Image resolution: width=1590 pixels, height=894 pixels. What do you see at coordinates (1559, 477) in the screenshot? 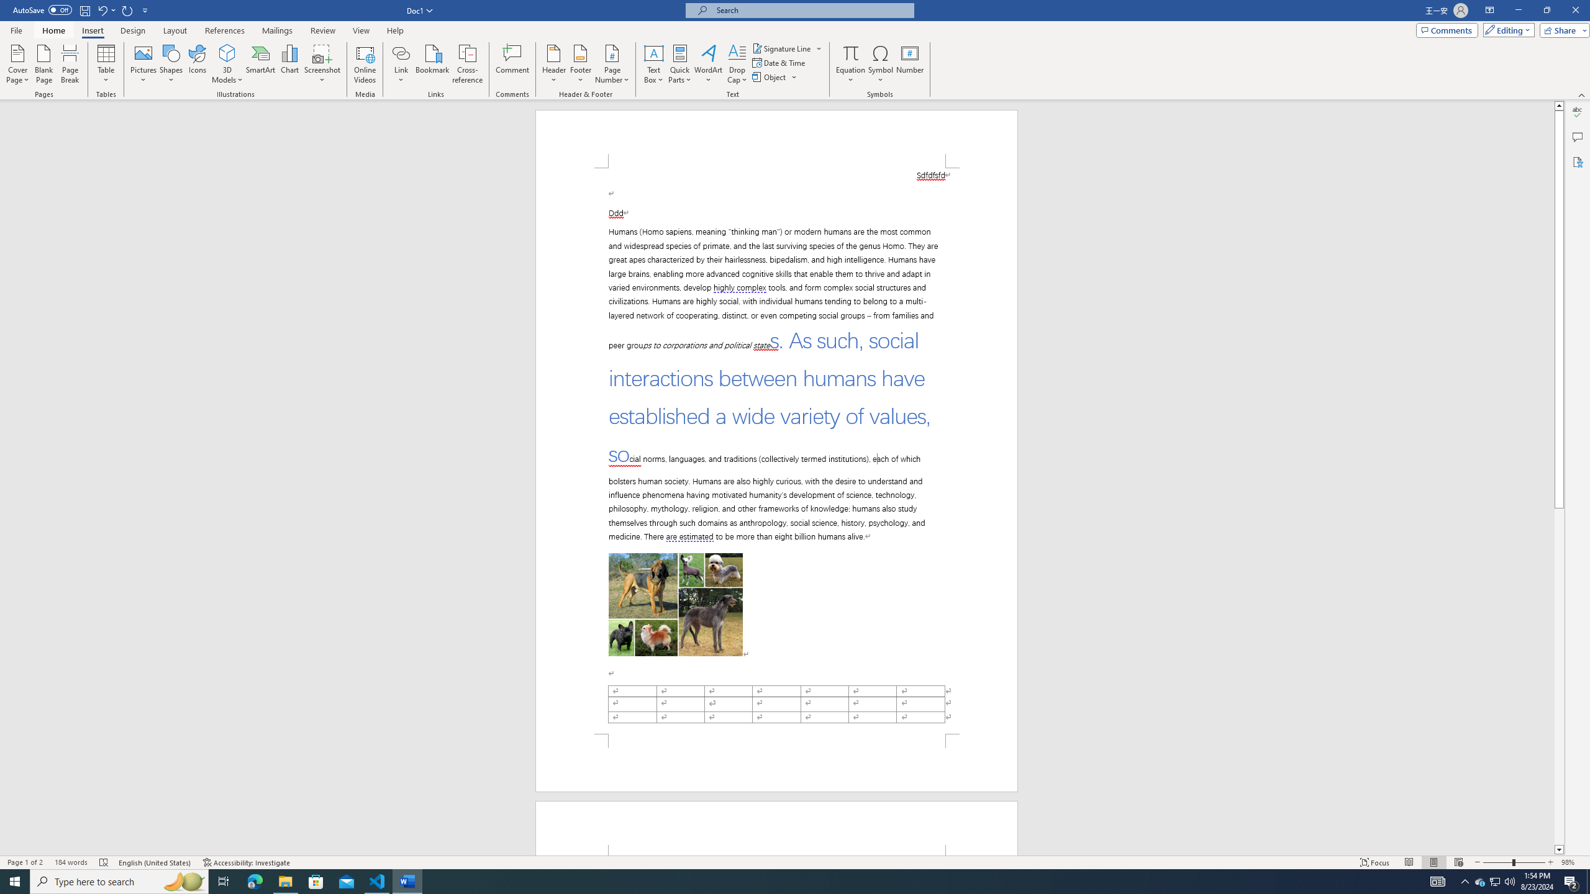
I see `'Class: NetUIScrollBar'` at bounding box center [1559, 477].